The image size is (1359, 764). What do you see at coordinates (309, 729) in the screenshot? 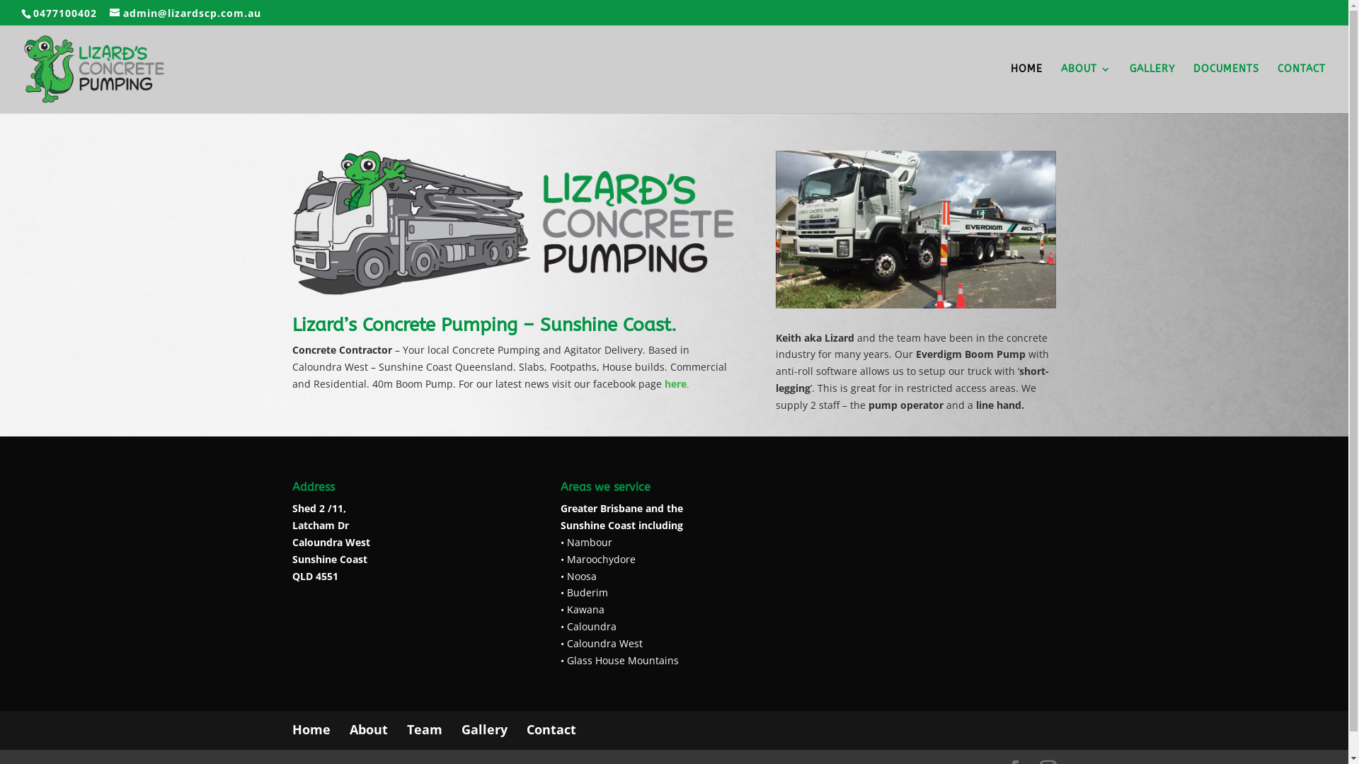
I see `'Home'` at bounding box center [309, 729].